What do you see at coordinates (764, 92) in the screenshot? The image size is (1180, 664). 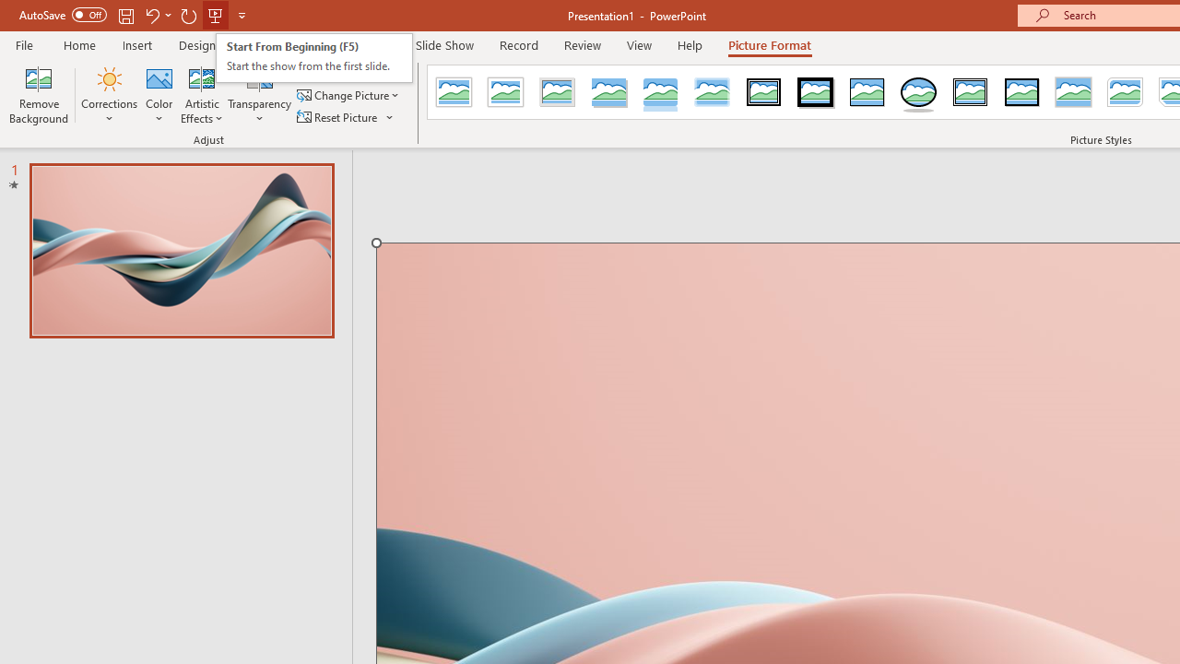 I see `'Double Frame, Black'` at bounding box center [764, 92].